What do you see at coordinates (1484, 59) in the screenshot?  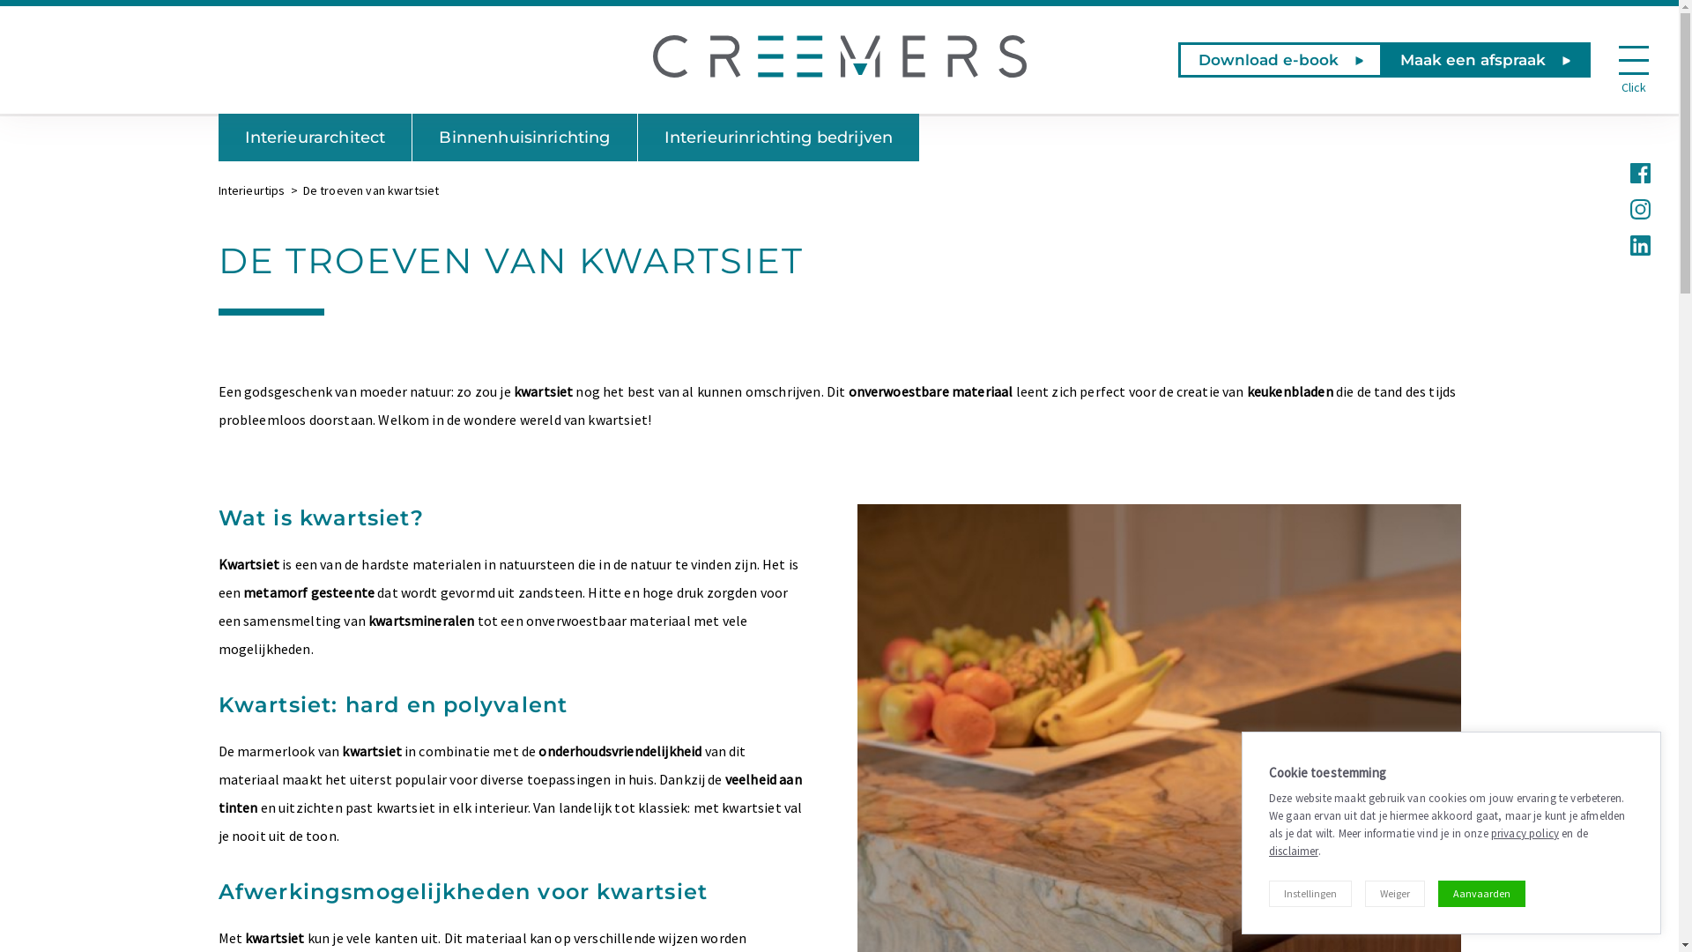 I see `'Maak een afspraak'` at bounding box center [1484, 59].